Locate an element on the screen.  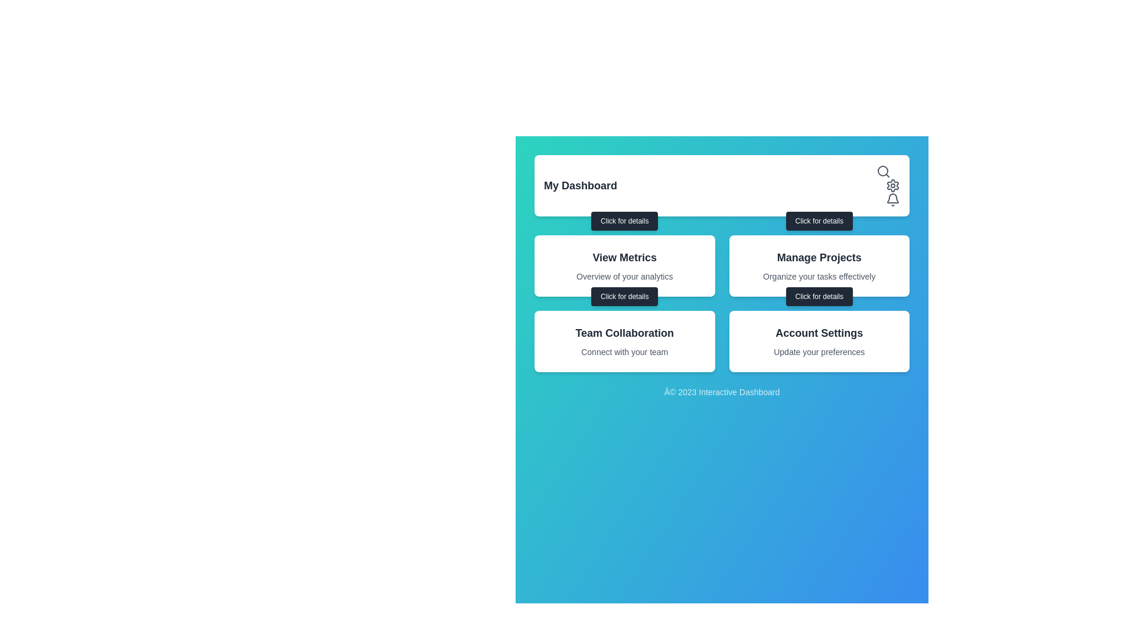
the 'Manage Projects' text label, which is styled in bold and larger size, located in the right card of the second row in a grid layout is located at coordinates (819, 257).